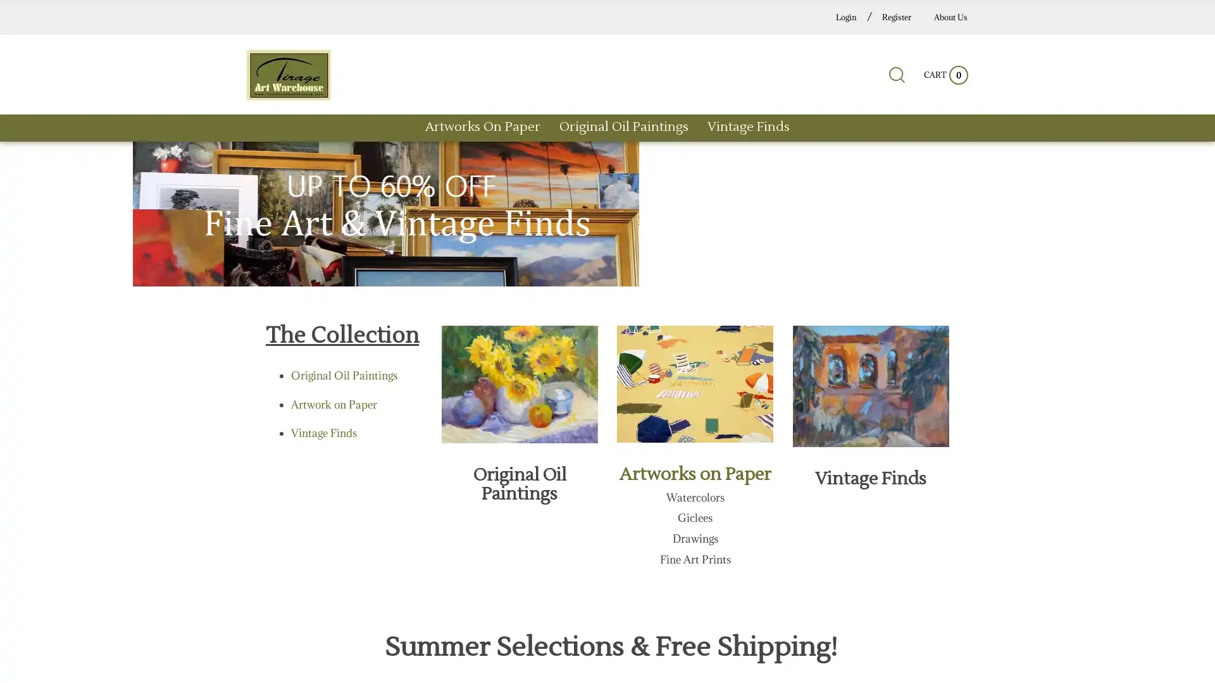 The width and height of the screenshot is (1215, 683). What do you see at coordinates (912, 80) in the screenshot?
I see `Close search` at bounding box center [912, 80].